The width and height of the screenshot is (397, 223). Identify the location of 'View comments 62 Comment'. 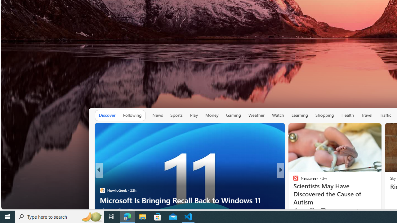
(324, 211).